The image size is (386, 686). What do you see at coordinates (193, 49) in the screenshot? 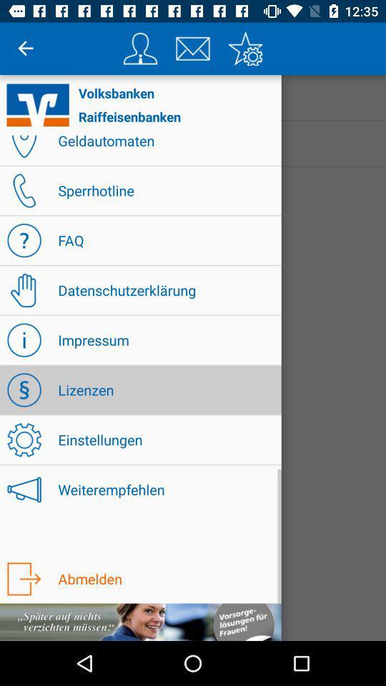
I see `the second icon from the top left` at bounding box center [193, 49].